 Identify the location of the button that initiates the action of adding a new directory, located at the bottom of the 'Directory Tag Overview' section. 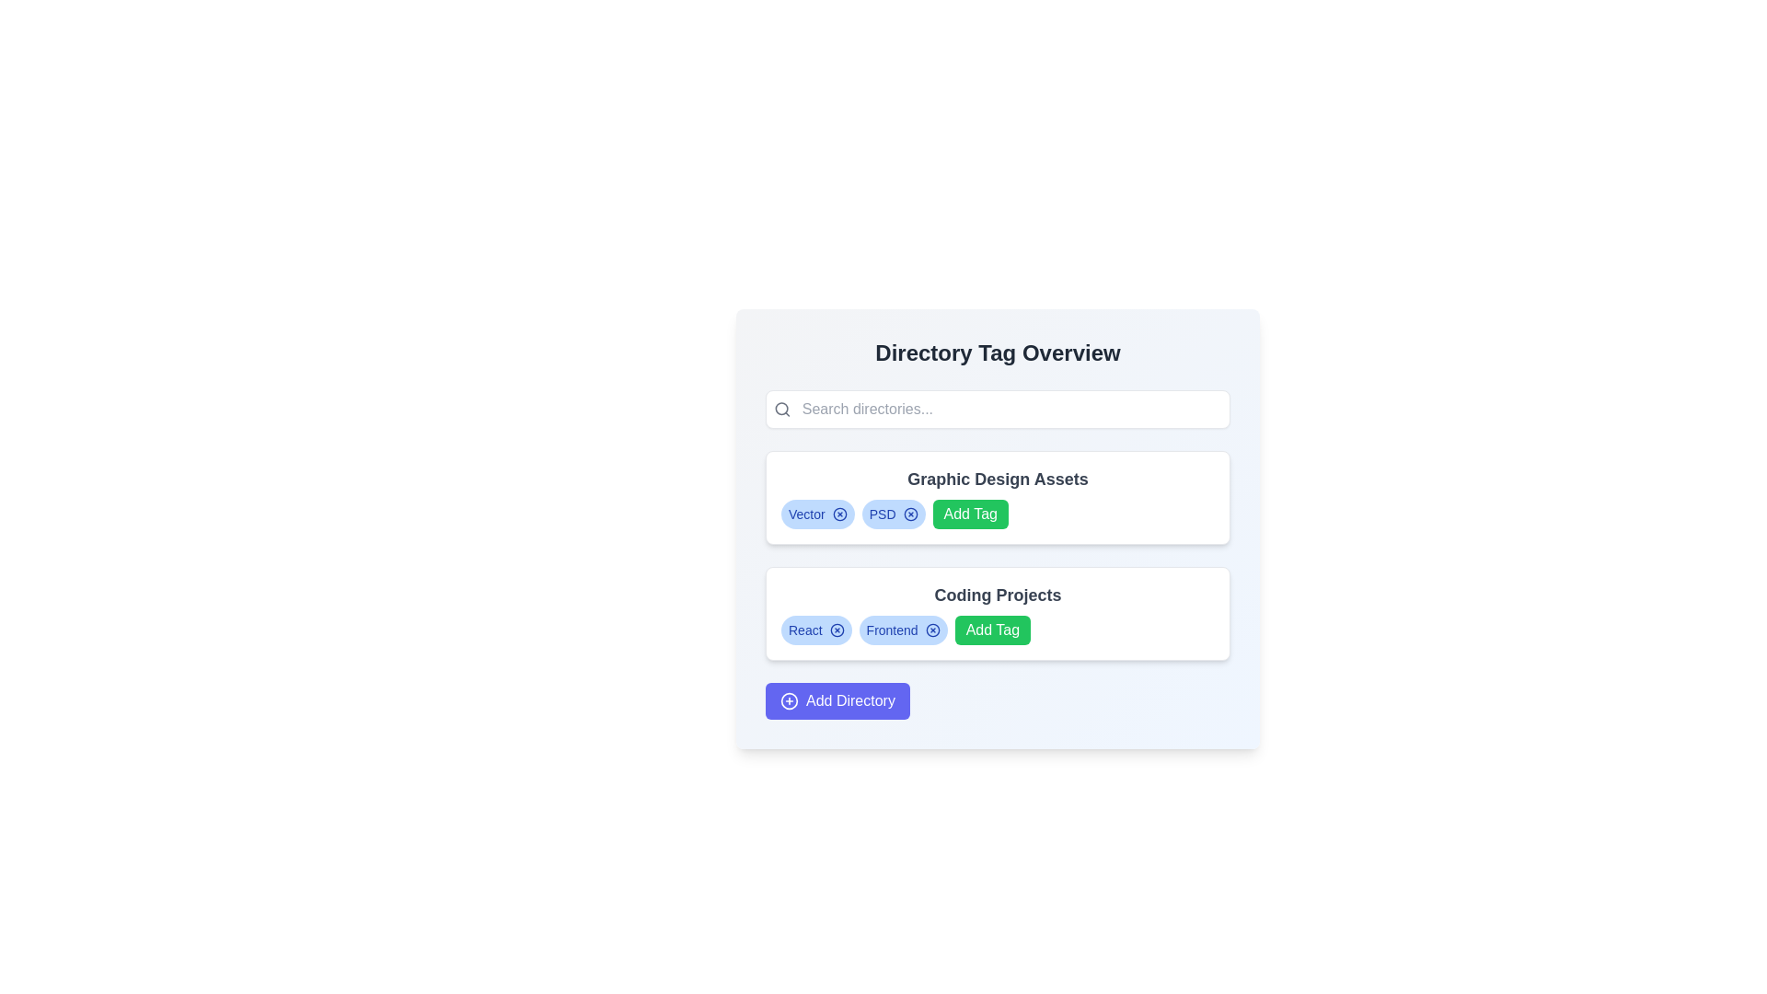
(837, 701).